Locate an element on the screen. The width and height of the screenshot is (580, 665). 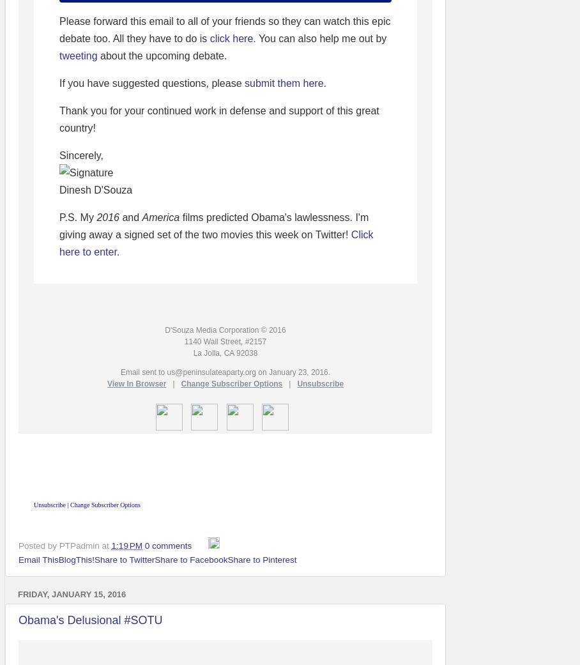
'about the upcoming debate.' is located at coordinates (161, 55).